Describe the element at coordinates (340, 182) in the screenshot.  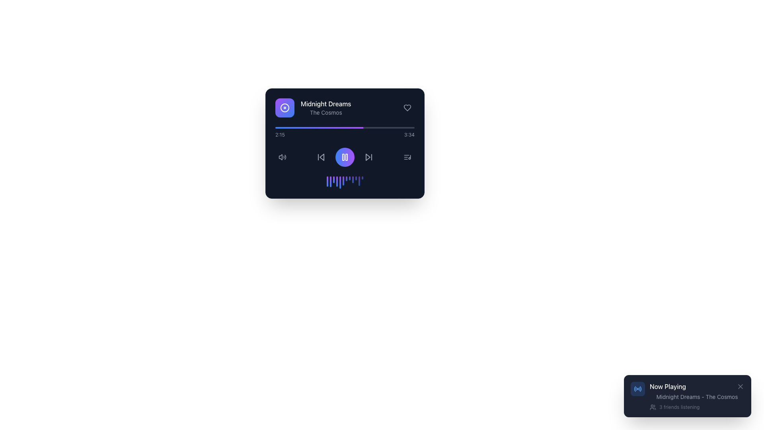
I see `the fifth progress bar from the left in the audio equalizer section of the music player interface, located beneath the circular playback control button` at that location.